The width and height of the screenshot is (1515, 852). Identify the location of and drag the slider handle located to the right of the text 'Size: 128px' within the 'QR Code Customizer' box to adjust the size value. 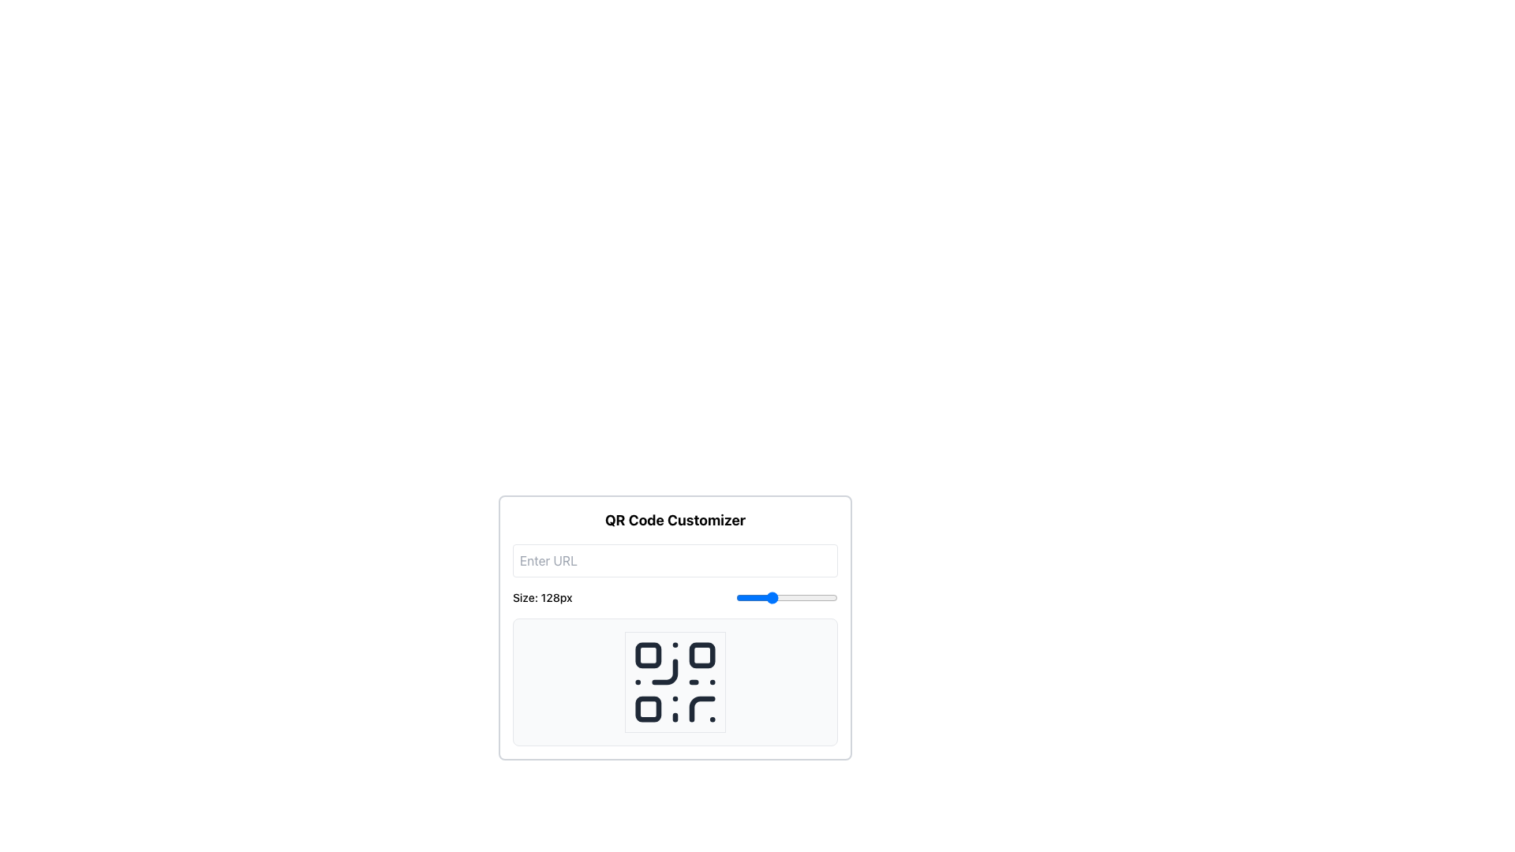
(787, 598).